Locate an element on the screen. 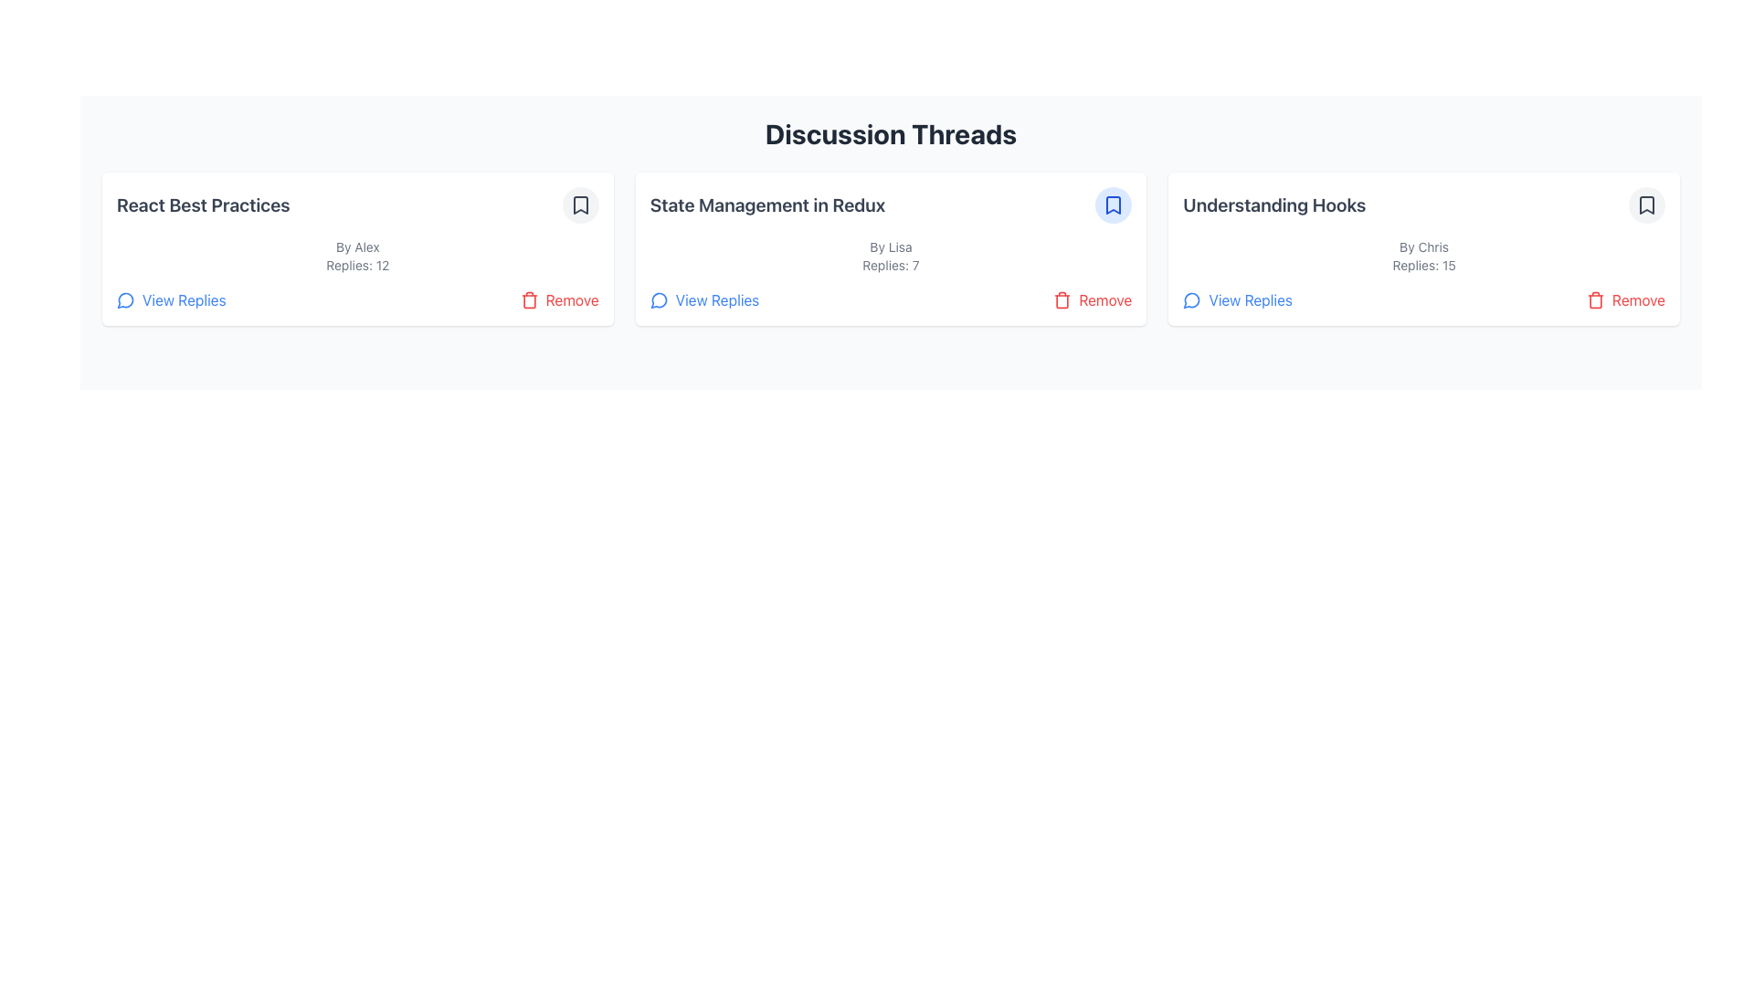 This screenshot has height=986, width=1754. the bookmark button located at the top-right corner of the 'React Best Practices' card is located at coordinates (579, 205).